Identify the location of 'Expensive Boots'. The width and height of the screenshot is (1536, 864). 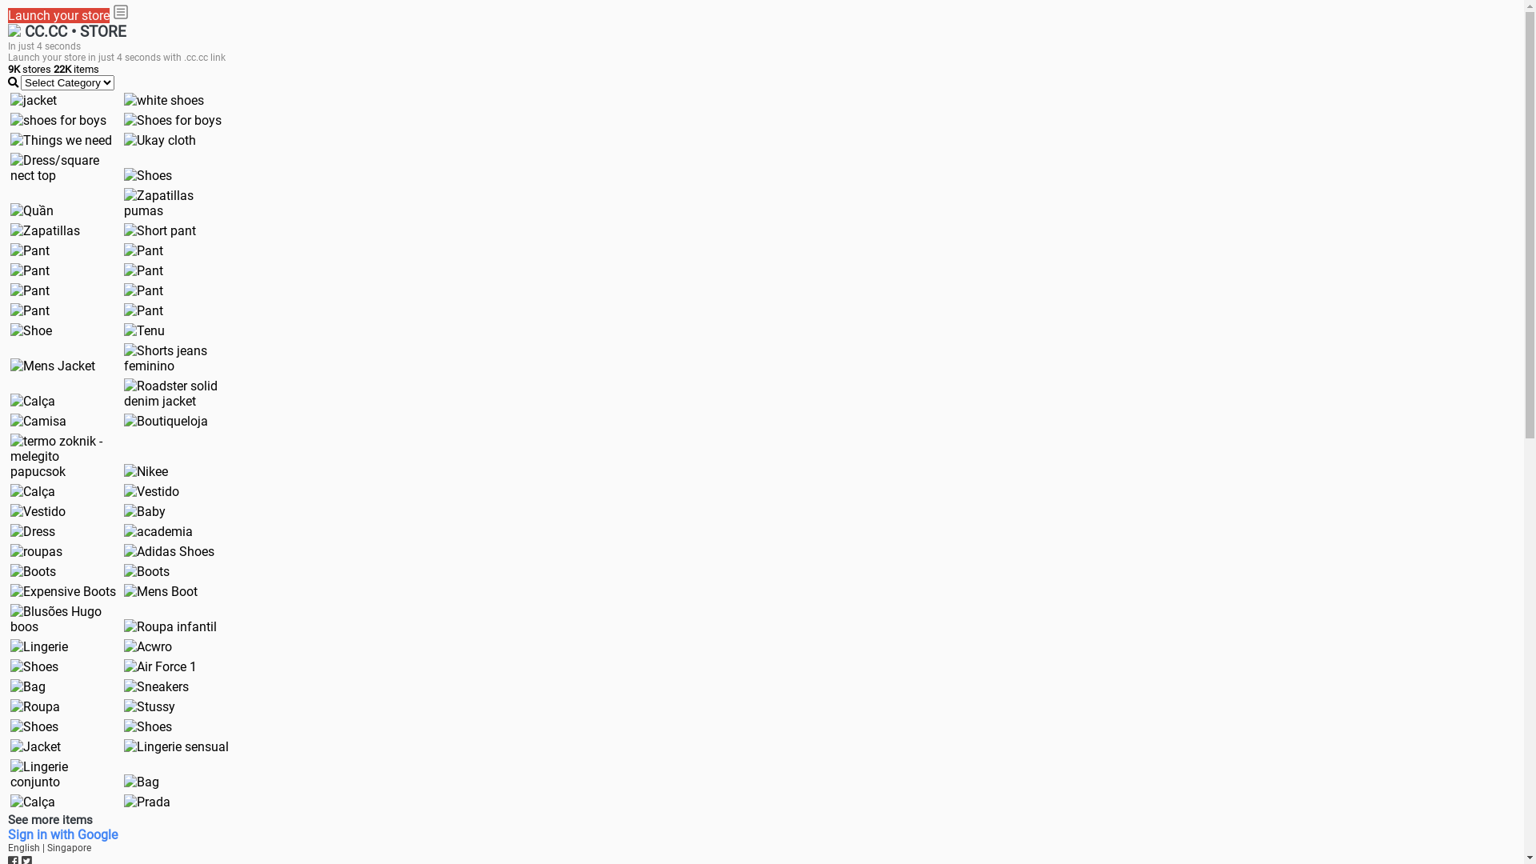
(62, 591).